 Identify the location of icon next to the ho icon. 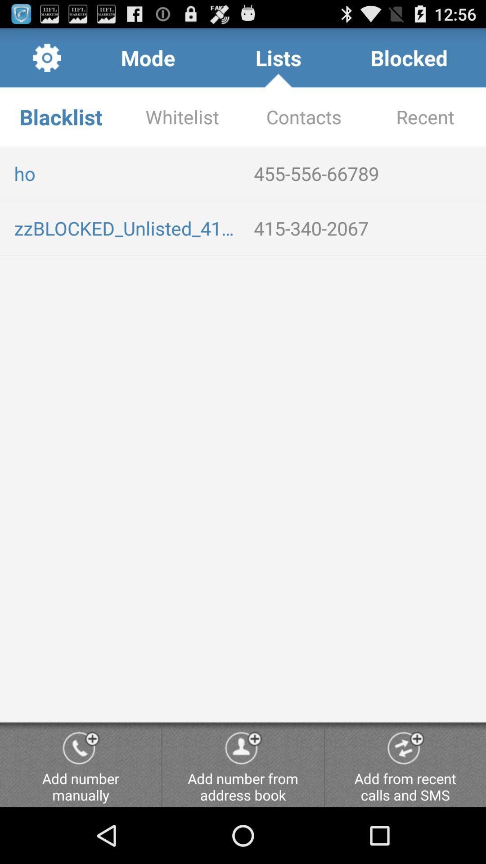
(366, 173).